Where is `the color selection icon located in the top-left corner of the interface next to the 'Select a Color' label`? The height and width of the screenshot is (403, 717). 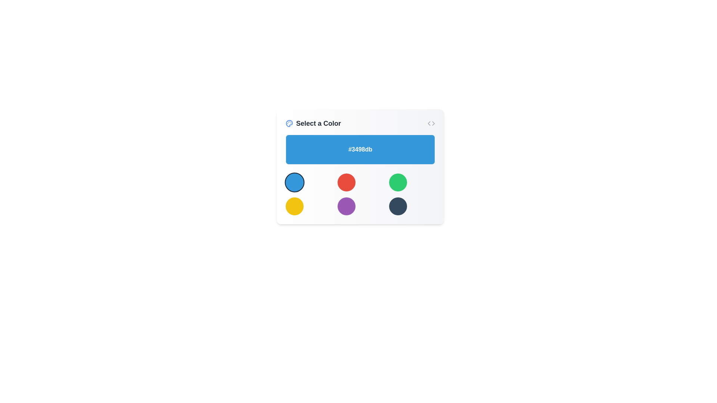
the color selection icon located in the top-left corner of the interface next to the 'Select a Color' label is located at coordinates (289, 123).